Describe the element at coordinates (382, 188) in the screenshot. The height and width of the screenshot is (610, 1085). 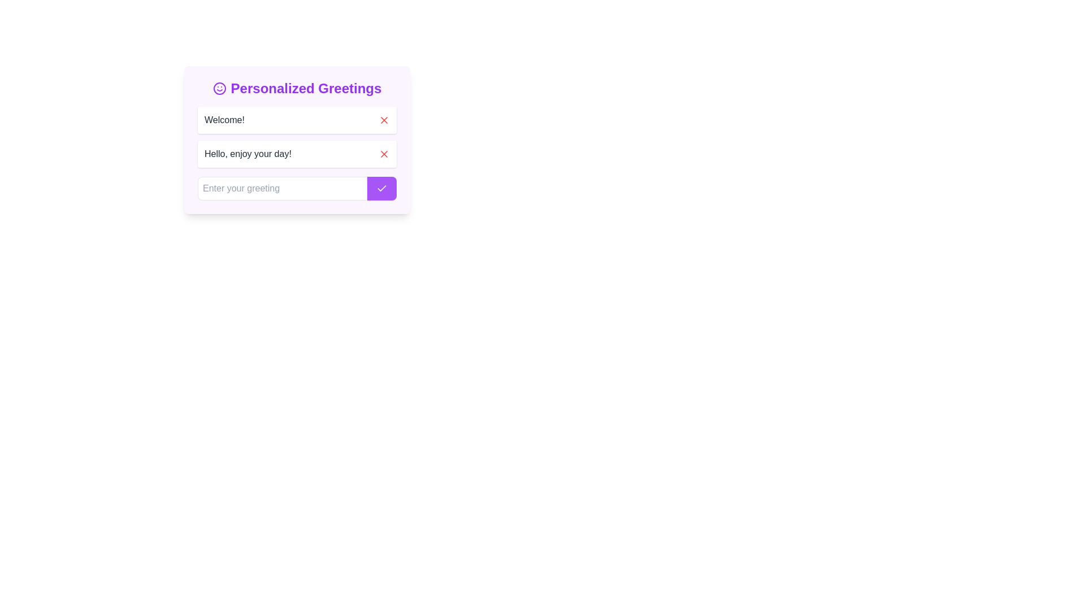
I see `the button with a purple background and a white checkmark icon` at that location.